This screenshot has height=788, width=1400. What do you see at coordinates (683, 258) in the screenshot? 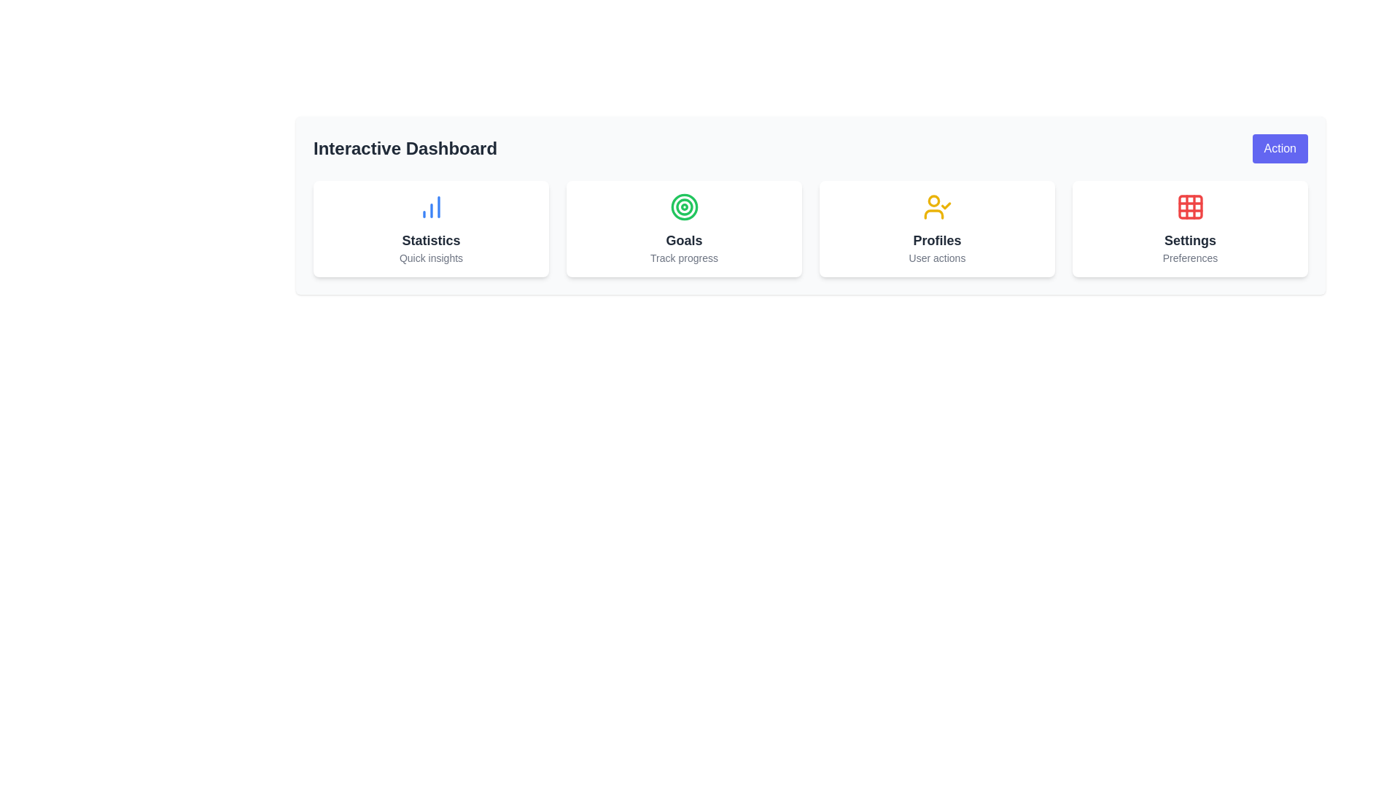
I see `the text label providing additional information about the 'Goals' card, which is positioned below the 'Goals' label in a card layout` at bounding box center [683, 258].